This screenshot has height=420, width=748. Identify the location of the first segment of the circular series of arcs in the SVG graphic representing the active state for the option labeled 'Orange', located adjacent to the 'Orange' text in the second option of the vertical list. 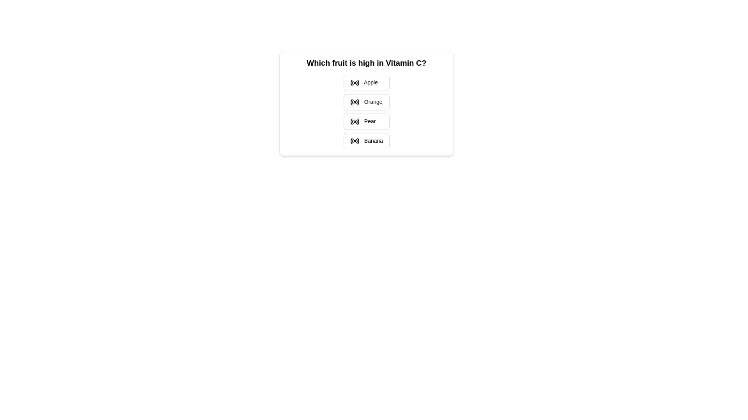
(351, 101).